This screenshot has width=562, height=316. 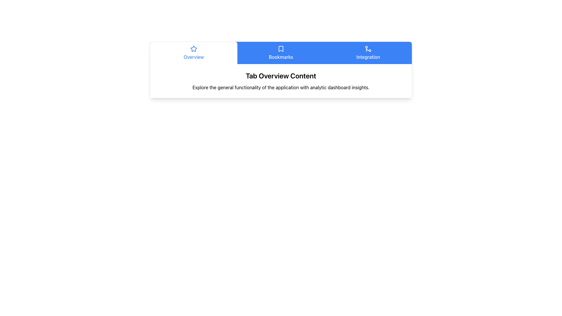 What do you see at coordinates (281, 53) in the screenshot?
I see `the 'Bookmarks' navigational button located centrally in the grid at the top of the interface to observe its hover effects` at bounding box center [281, 53].